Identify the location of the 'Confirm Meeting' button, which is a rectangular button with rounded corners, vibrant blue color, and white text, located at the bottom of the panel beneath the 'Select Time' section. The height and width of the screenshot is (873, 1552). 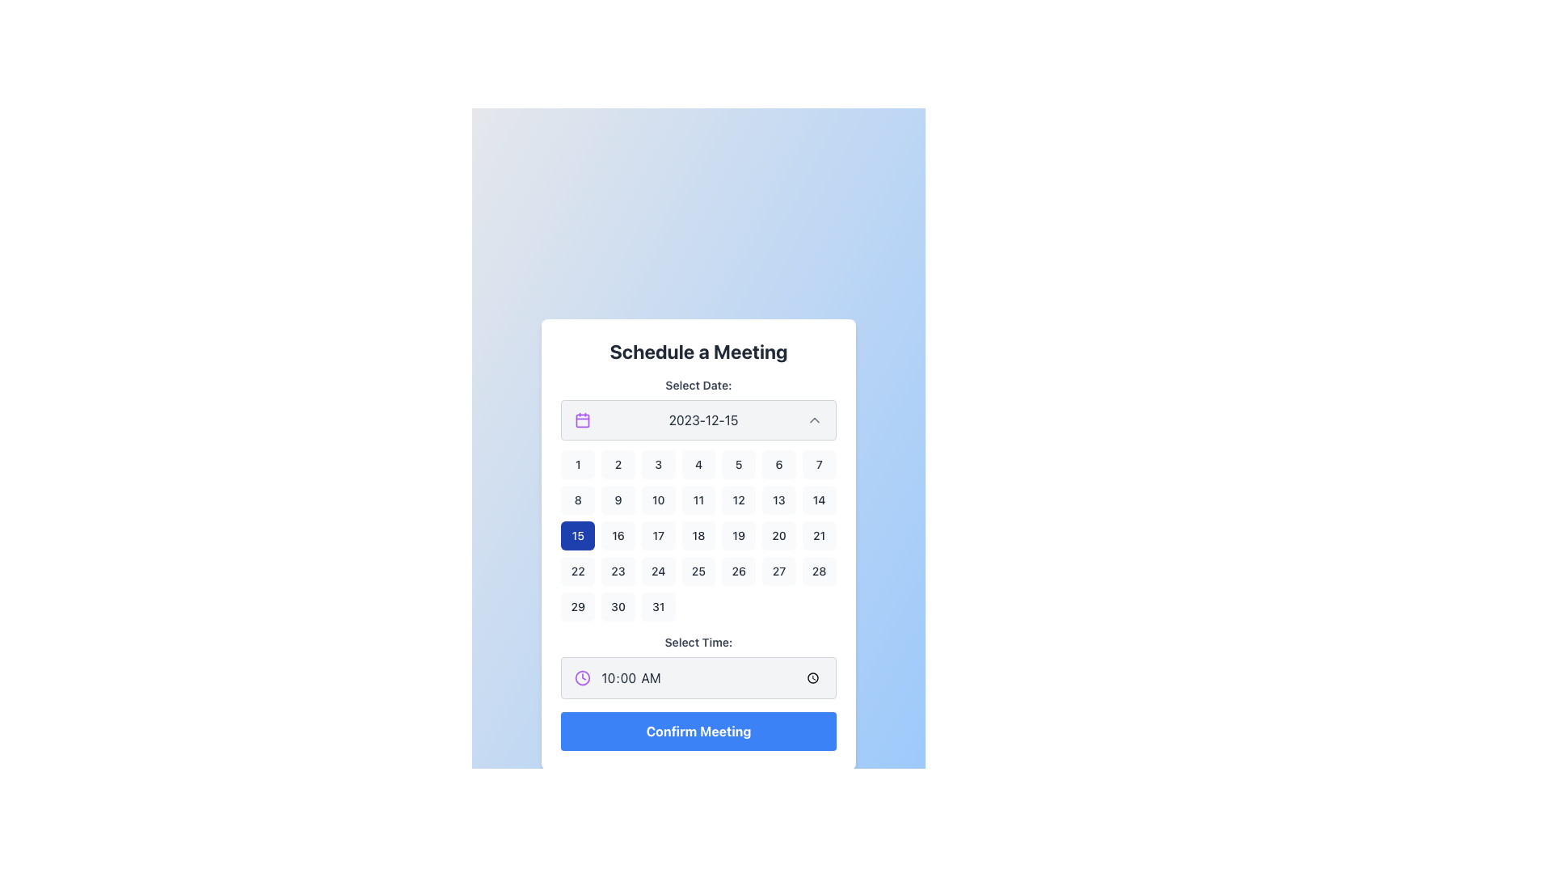
(698, 732).